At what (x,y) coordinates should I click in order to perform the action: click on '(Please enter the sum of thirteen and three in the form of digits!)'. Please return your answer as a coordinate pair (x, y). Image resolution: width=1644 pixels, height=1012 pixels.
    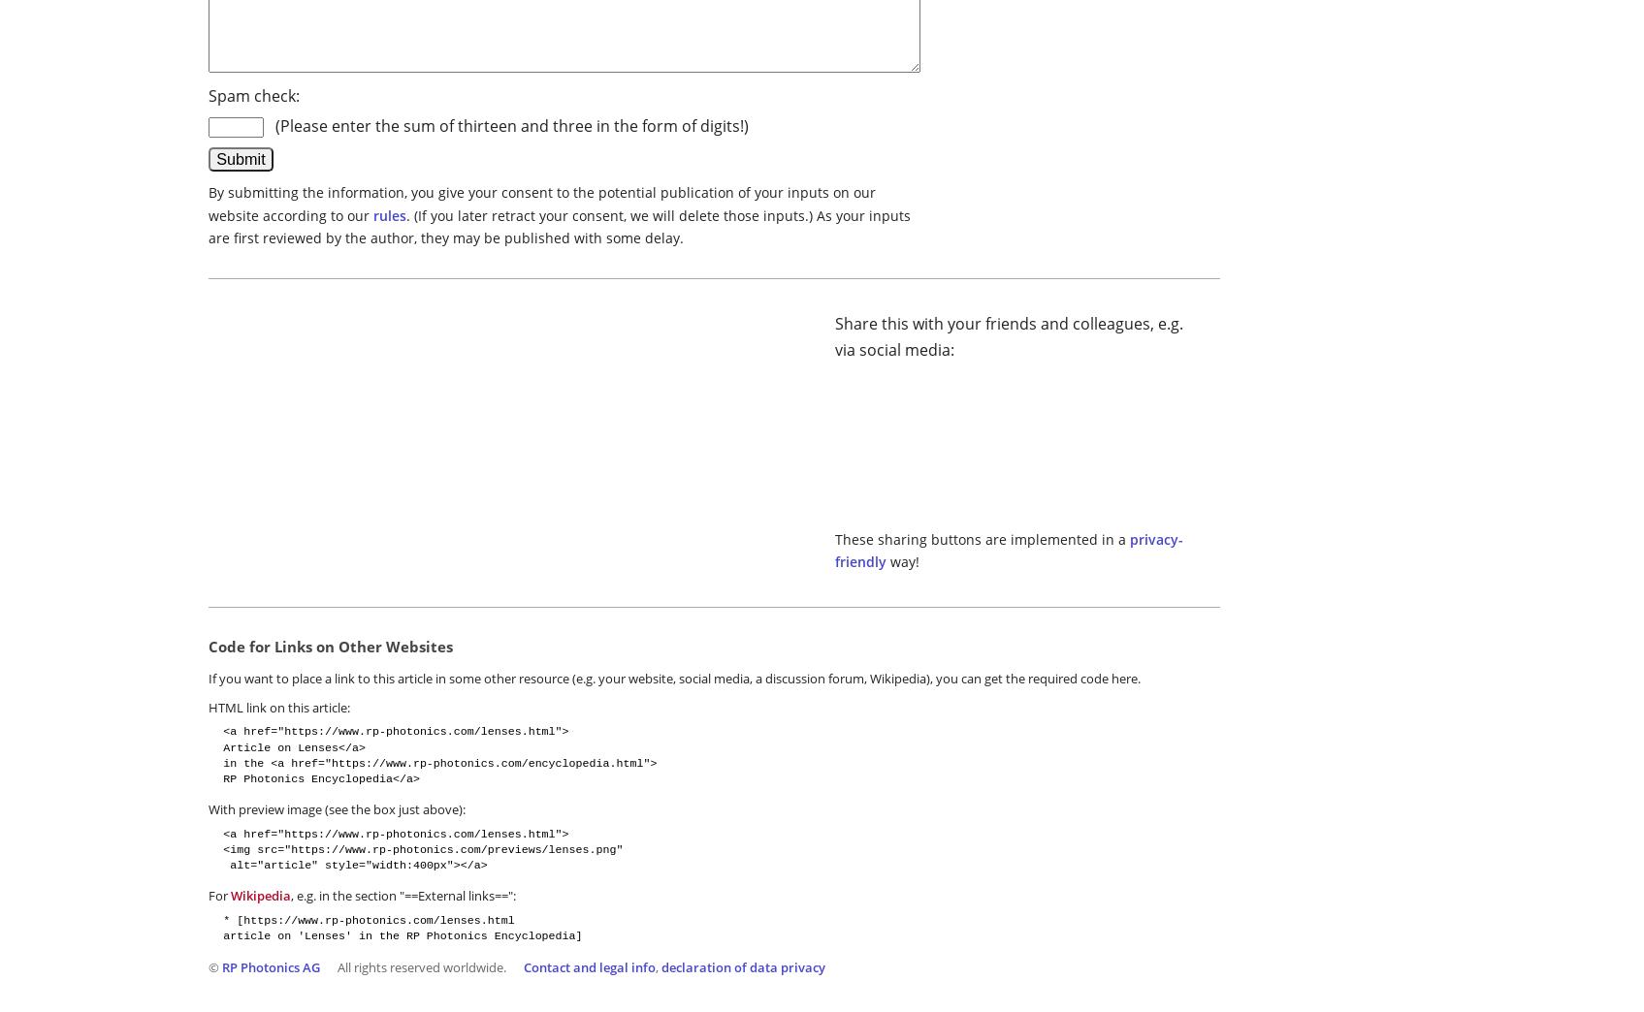
    Looking at the image, I should click on (506, 125).